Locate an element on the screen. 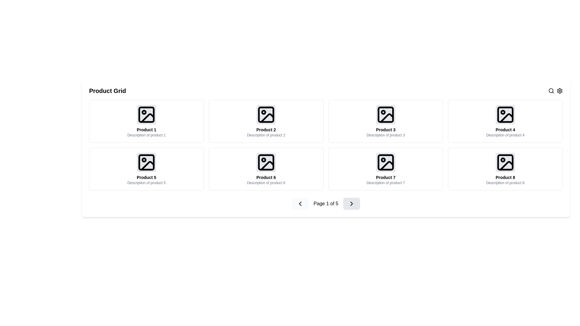 The image size is (580, 326). the button with the 'lucide-chevron-left' class is located at coordinates (300, 204).